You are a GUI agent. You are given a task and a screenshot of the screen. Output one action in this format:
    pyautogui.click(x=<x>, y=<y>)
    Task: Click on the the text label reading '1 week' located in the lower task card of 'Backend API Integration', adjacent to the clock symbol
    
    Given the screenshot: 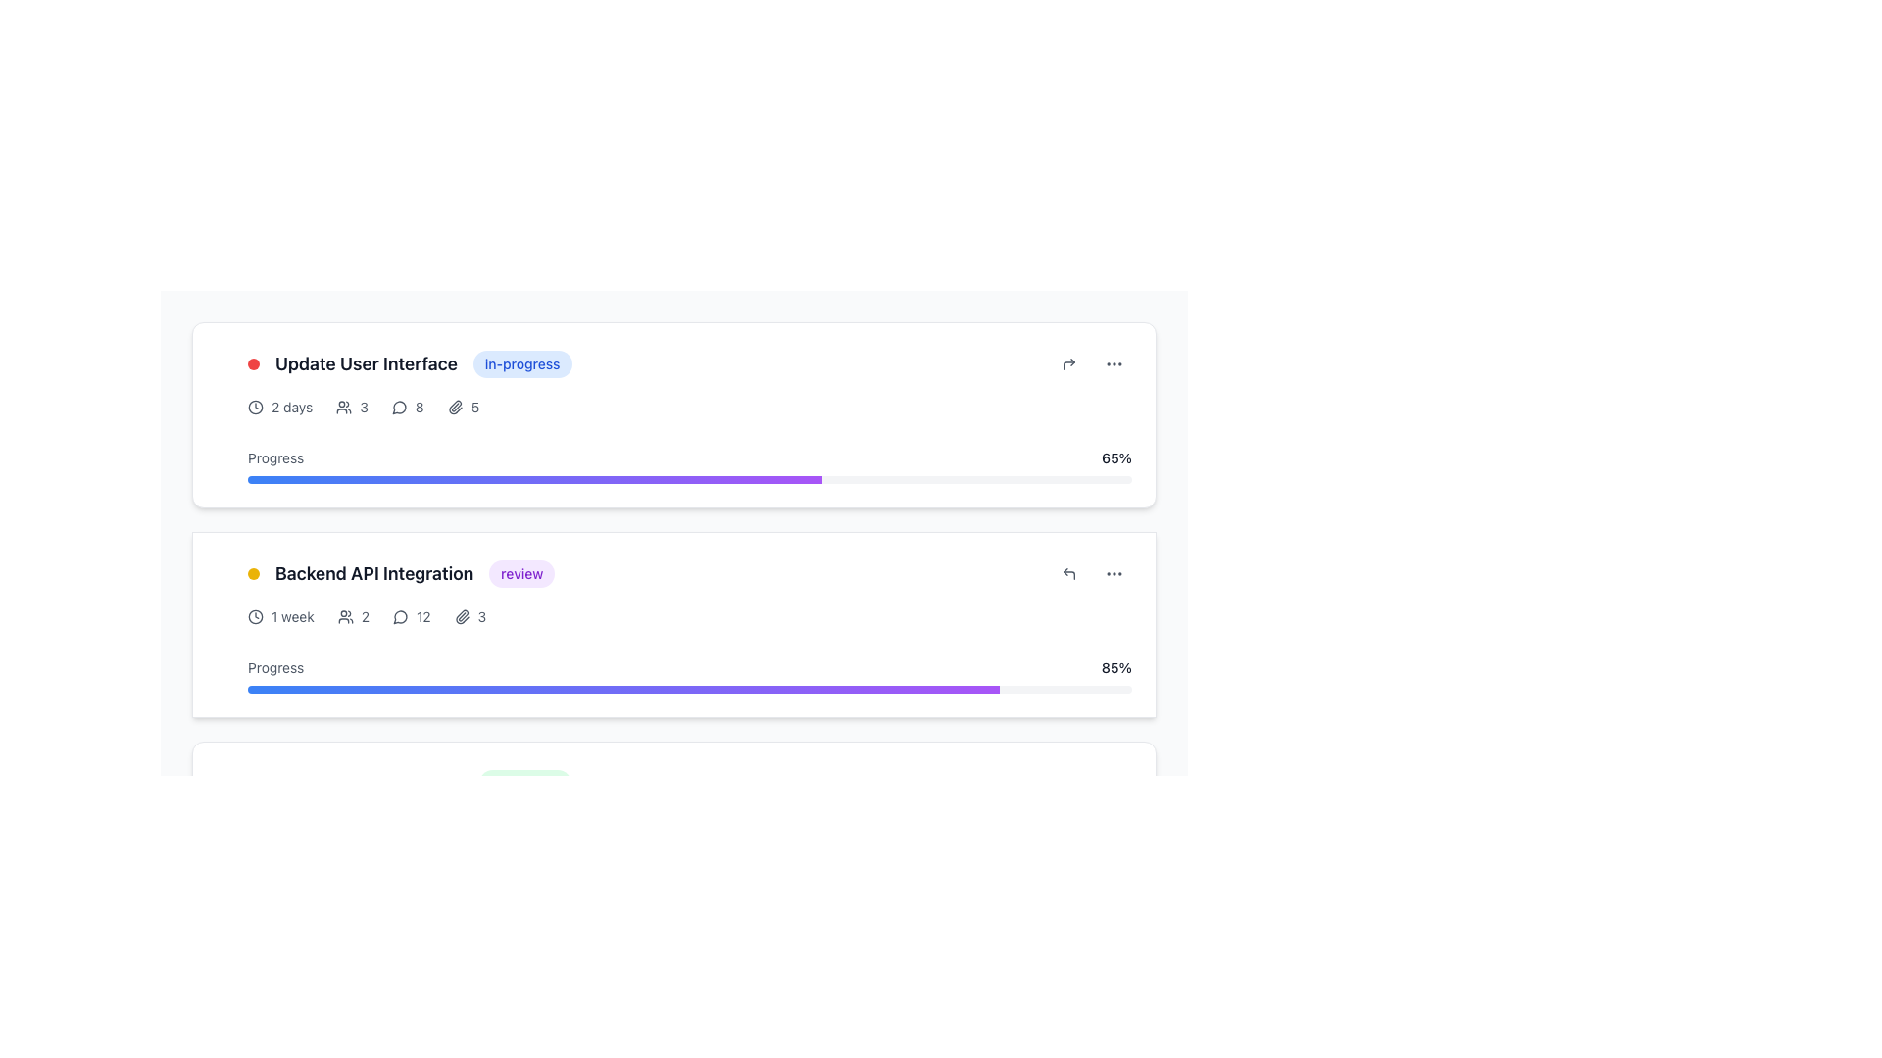 What is the action you would take?
    pyautogui.click(x=291, y=615)
    